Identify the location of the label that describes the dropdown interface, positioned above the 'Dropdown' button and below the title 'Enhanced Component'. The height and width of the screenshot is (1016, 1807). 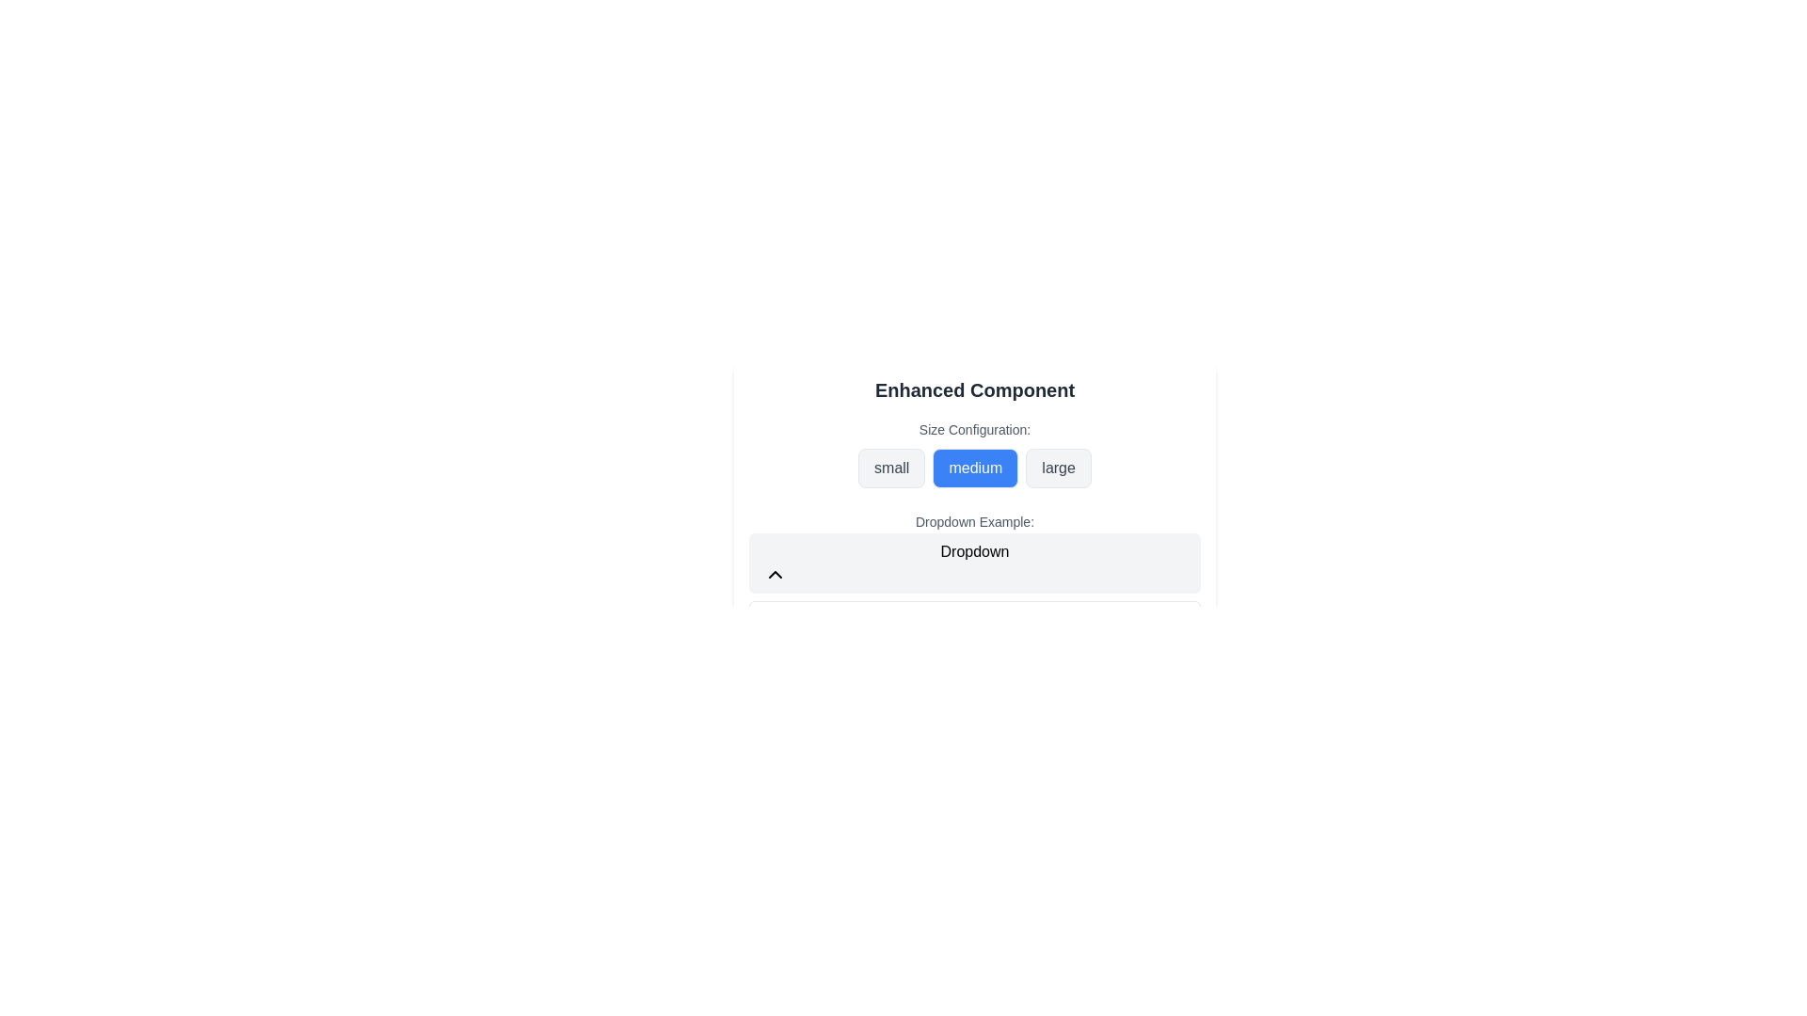
(975, 522).